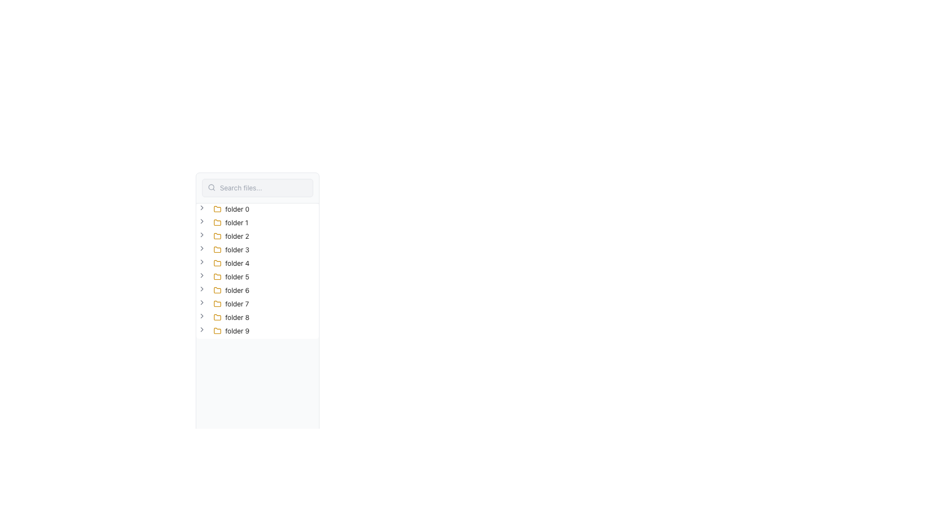 This screenshot has height=522, width=928. Describe the element at coordinates (201, 247) in the screenshot. I see `the toggle icon located to the left of the 'folder 3' label` at that location.